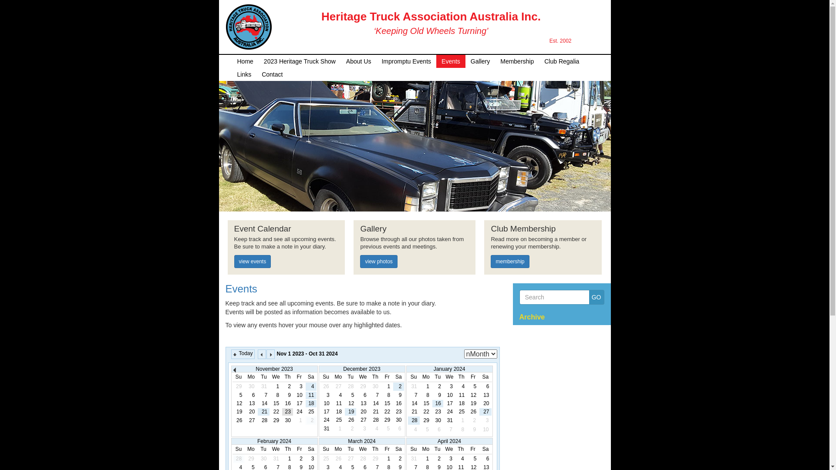 Image resolution: width=836 pixels, height=470 pixels. What do you see at coordinates (426, 403) in the screenshot?
I see `'15'` at bounding box center [426, 403].